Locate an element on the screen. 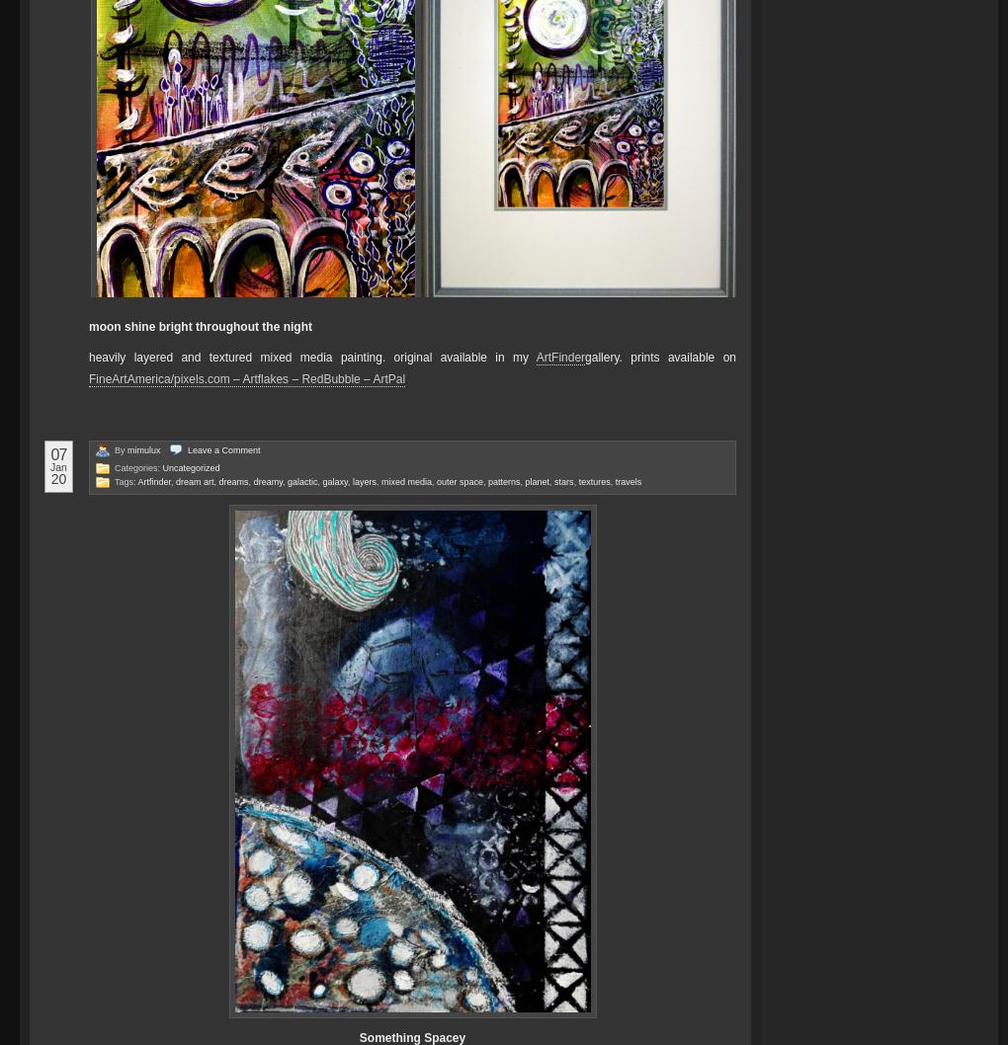  'gallery. prints available on' is located at coordinates (660, 358).